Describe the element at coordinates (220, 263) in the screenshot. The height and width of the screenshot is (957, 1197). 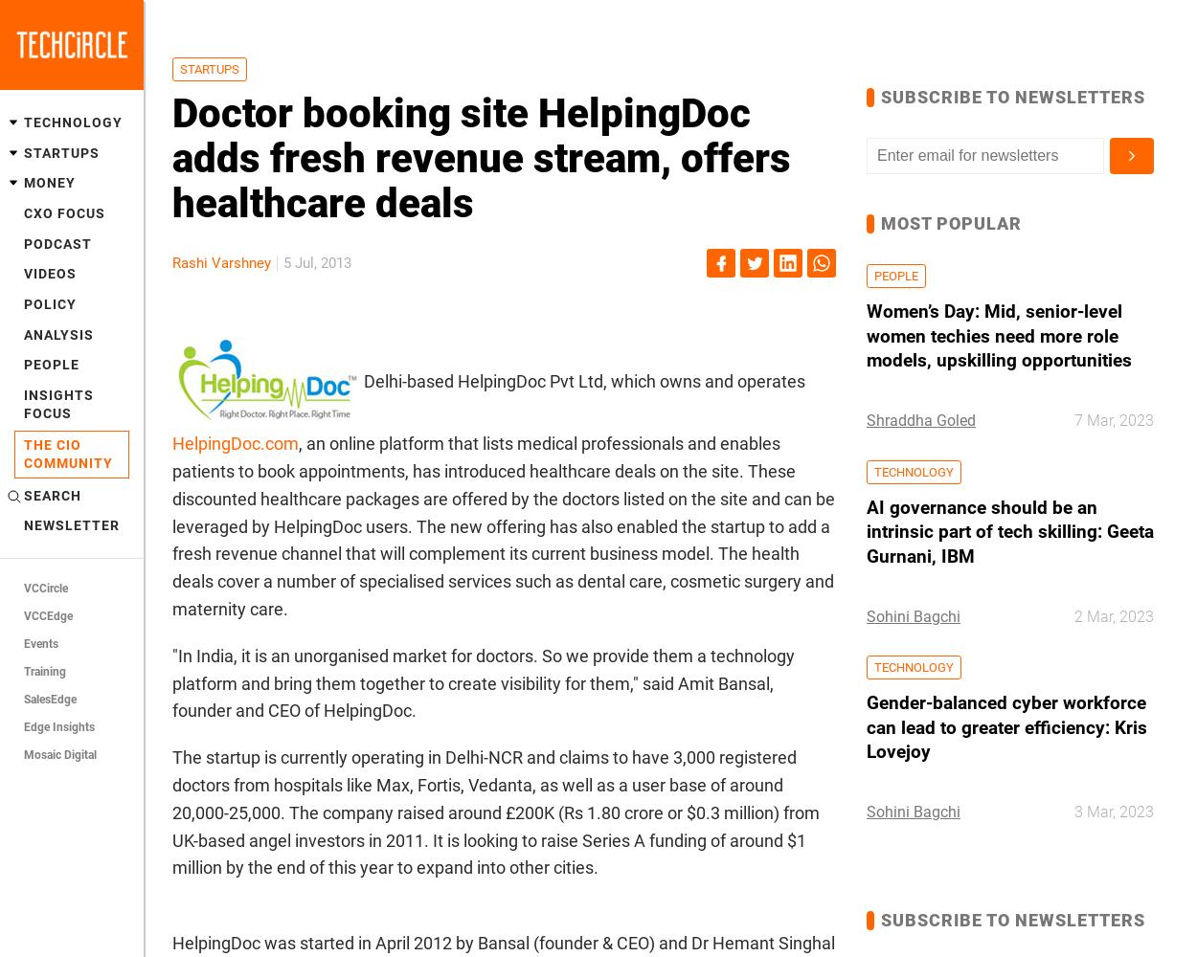
I see `'Rashi Varshney'` at that location.